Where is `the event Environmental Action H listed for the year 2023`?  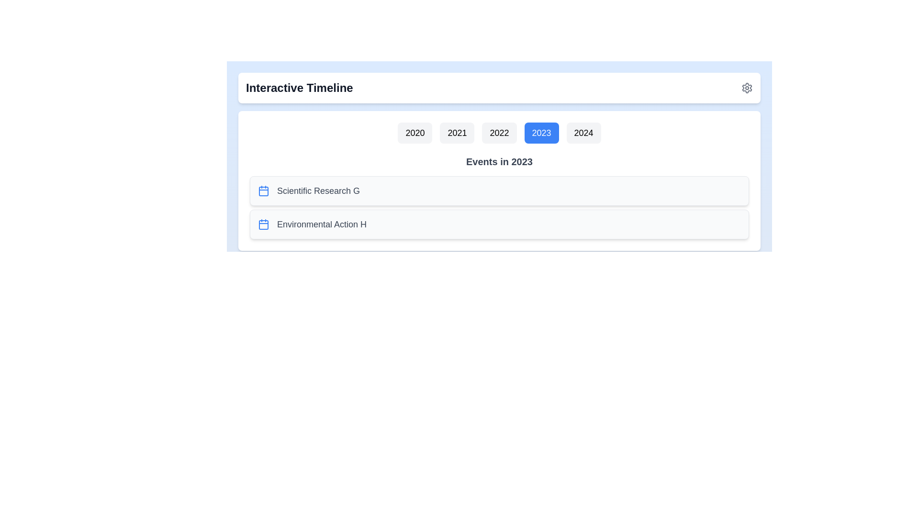 the event Environmental Action H listed for the year 2023 is located at coordinates (322, 225).